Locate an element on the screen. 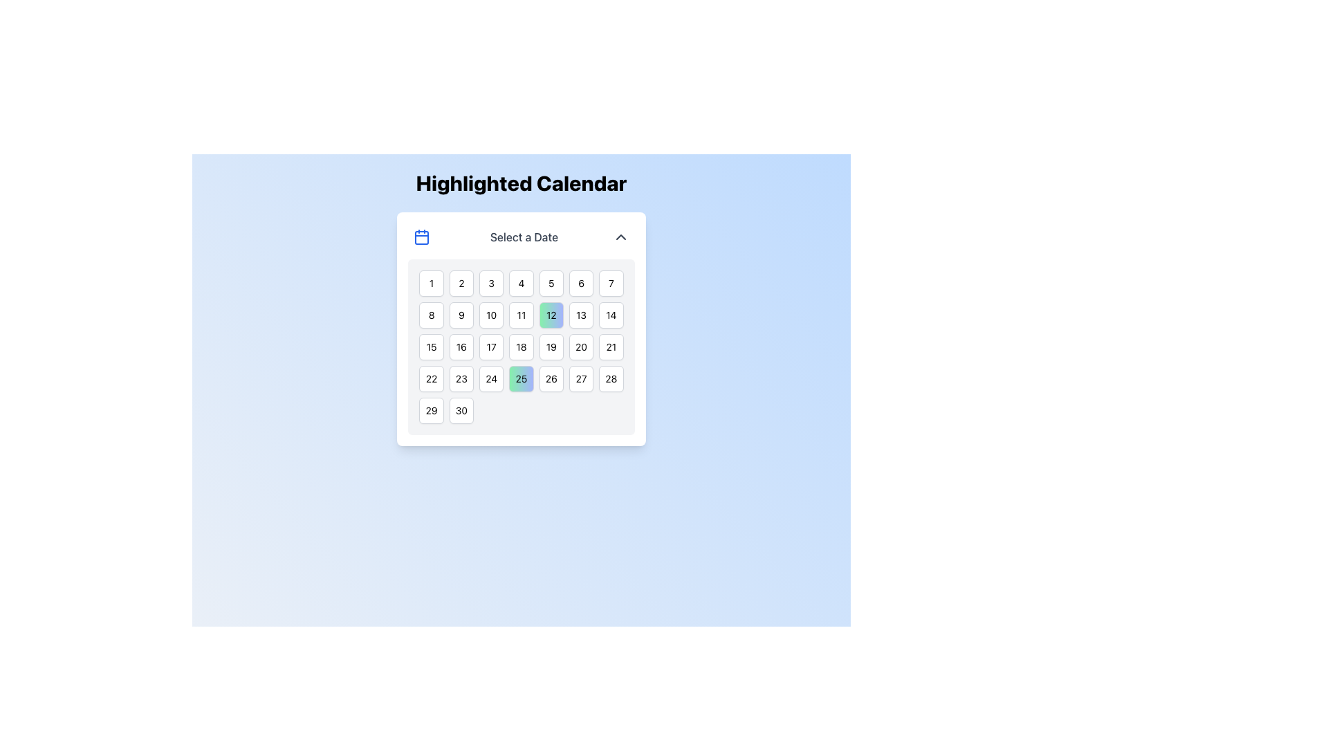 The width and height of the screenshot is (1328, 747). the rectangular button with a white background and the black number '28' centered within it is located at coordinates (610, 378).